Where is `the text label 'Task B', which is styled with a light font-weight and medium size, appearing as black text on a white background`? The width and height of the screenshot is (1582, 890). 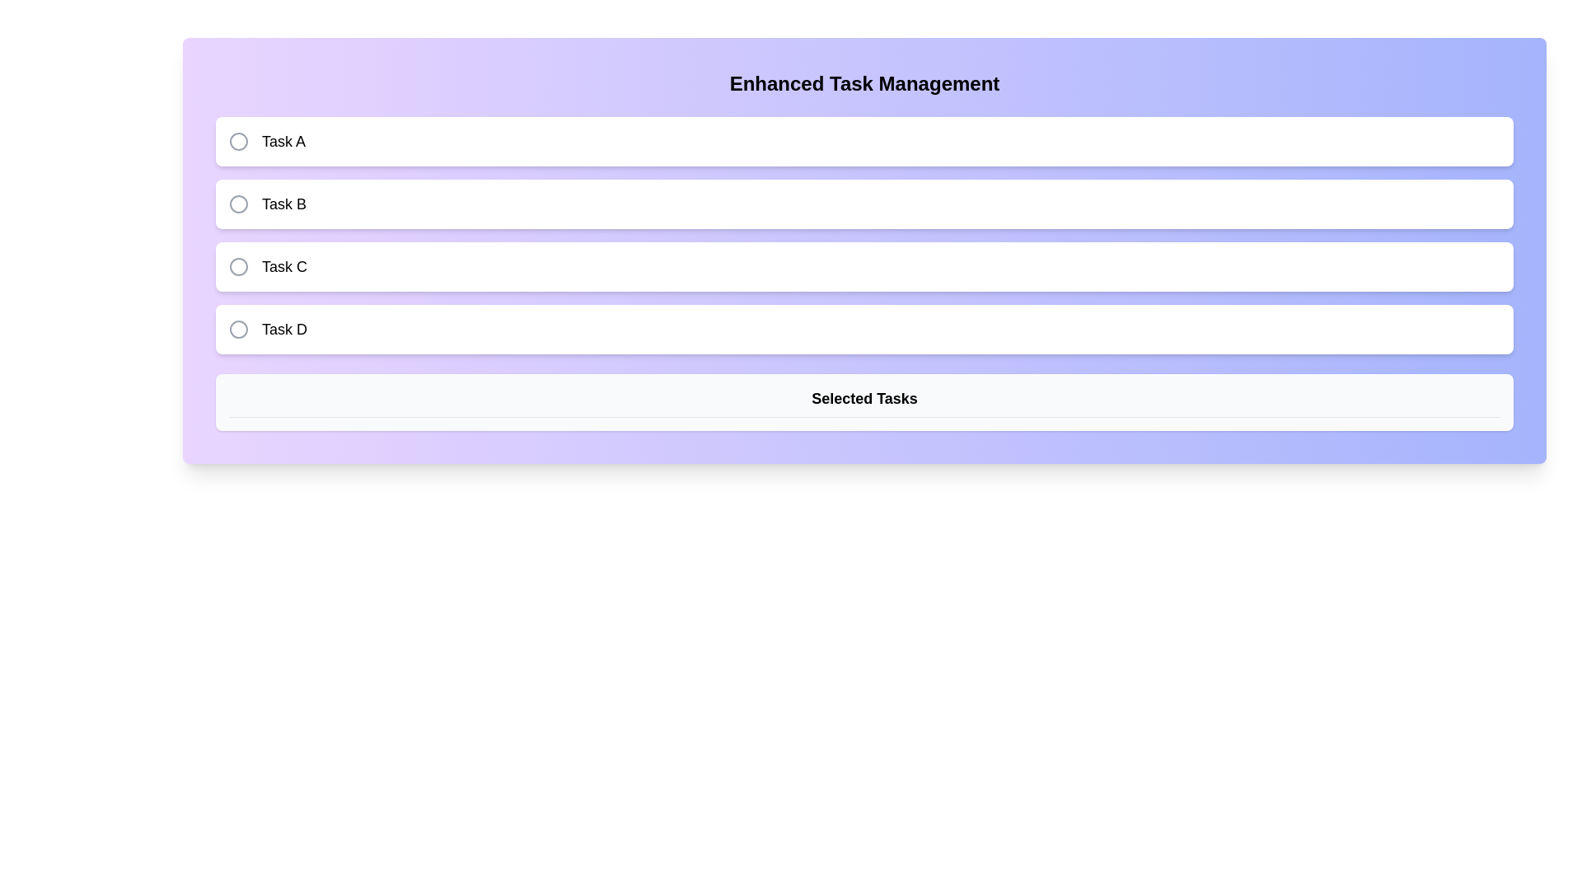 the text label 'Task B', which is styled with a light font-weight and medium size, appearing as black text on a white background is located at coordinates (284, 203).